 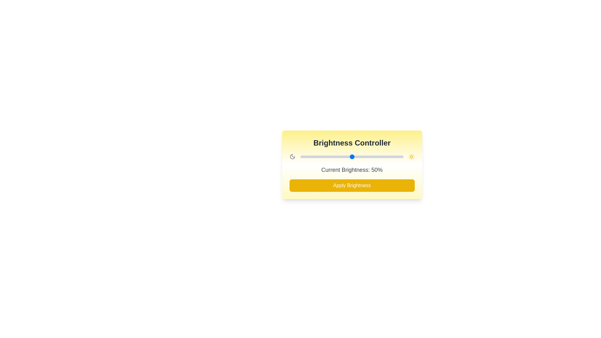 What do you see at coordinates (352, 185) in the screenshot?
I see `the 'Apply Brightness' button` at bounding box center [352, 185].